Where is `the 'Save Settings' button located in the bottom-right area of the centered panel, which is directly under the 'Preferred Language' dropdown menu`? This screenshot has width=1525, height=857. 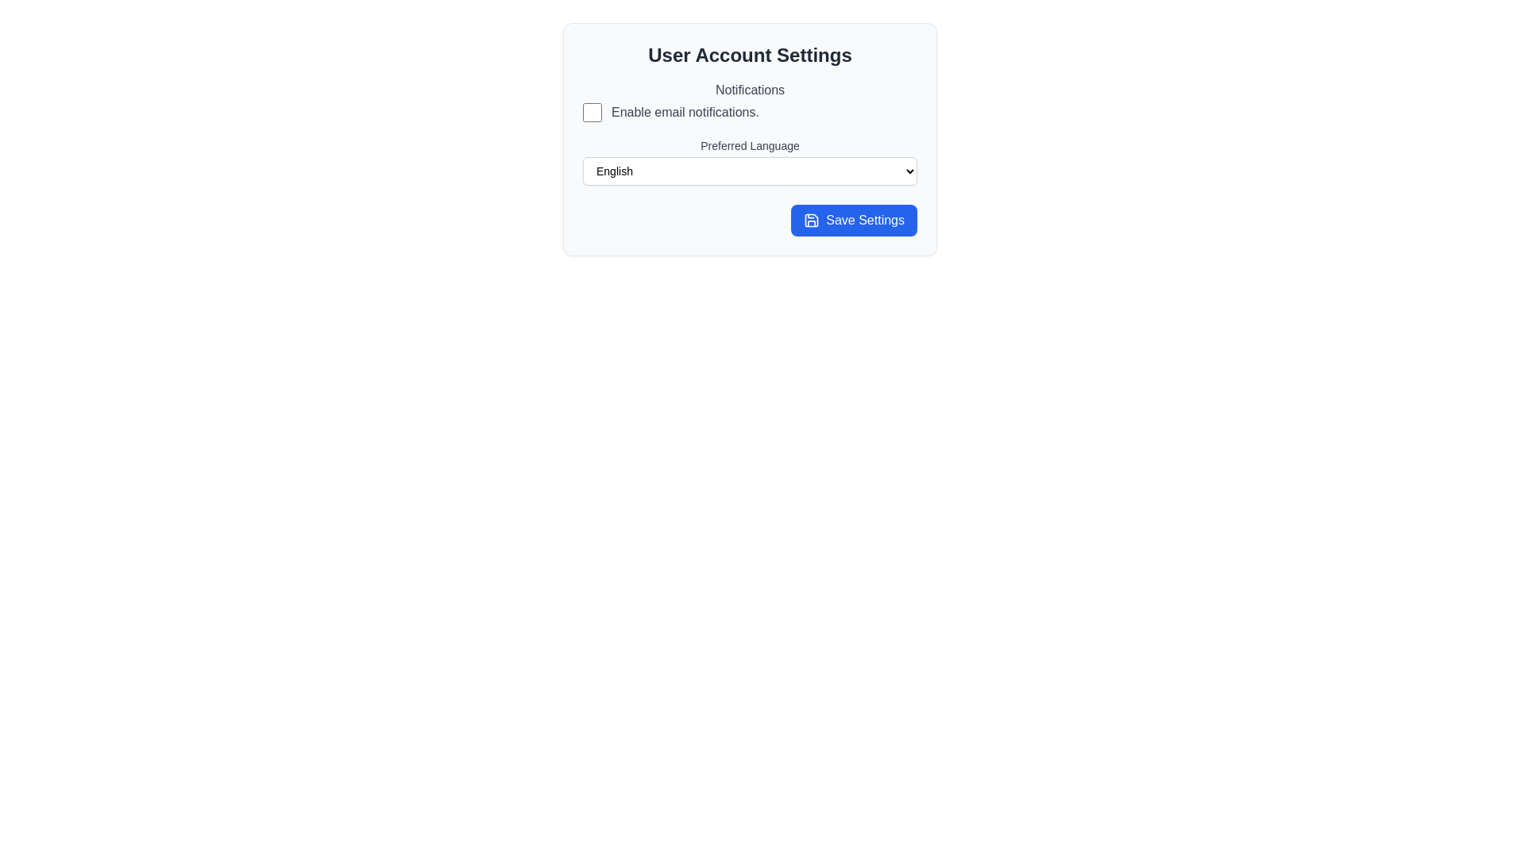
the 'Save Settings' button located in the bottom-right area of the centered panel, which is directly under the 'Preferred Language' dropdown menu is located at coordinates (853, 220).